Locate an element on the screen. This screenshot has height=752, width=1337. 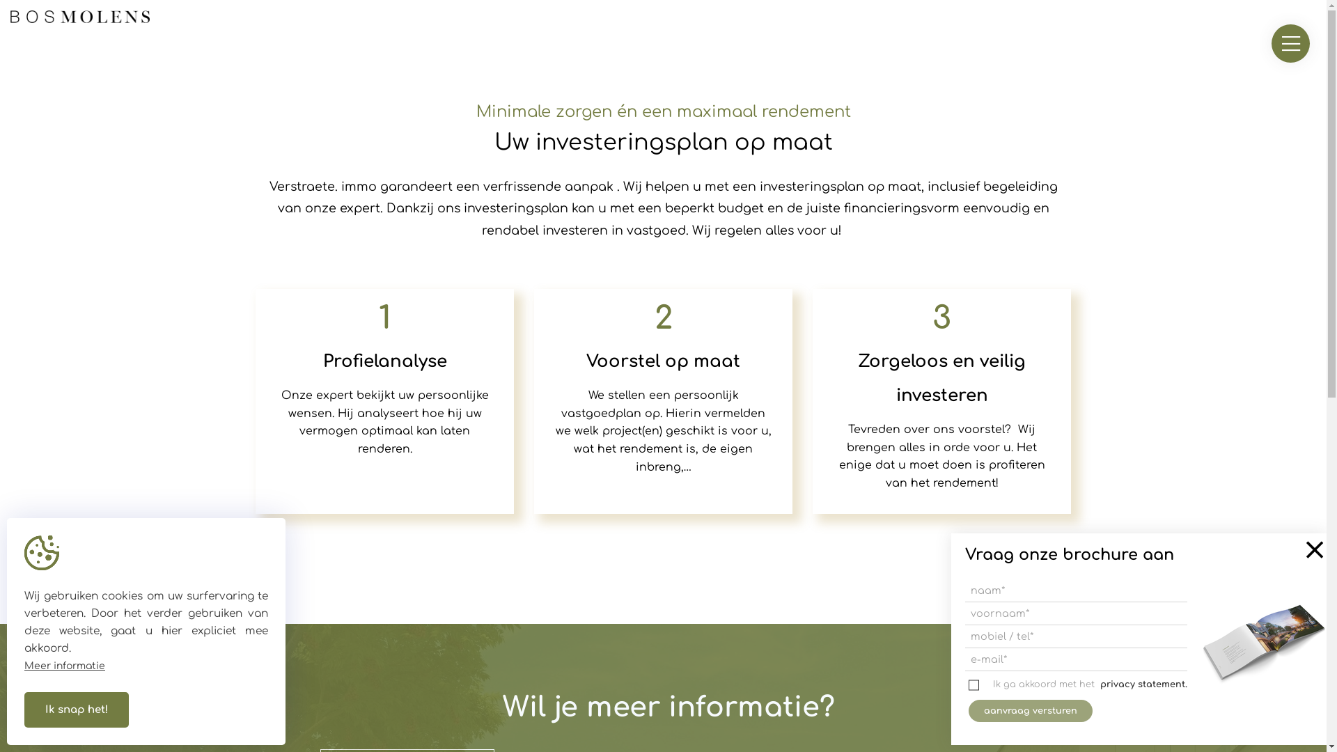
'privacy statement.' is located at coordinates (1143, 684).